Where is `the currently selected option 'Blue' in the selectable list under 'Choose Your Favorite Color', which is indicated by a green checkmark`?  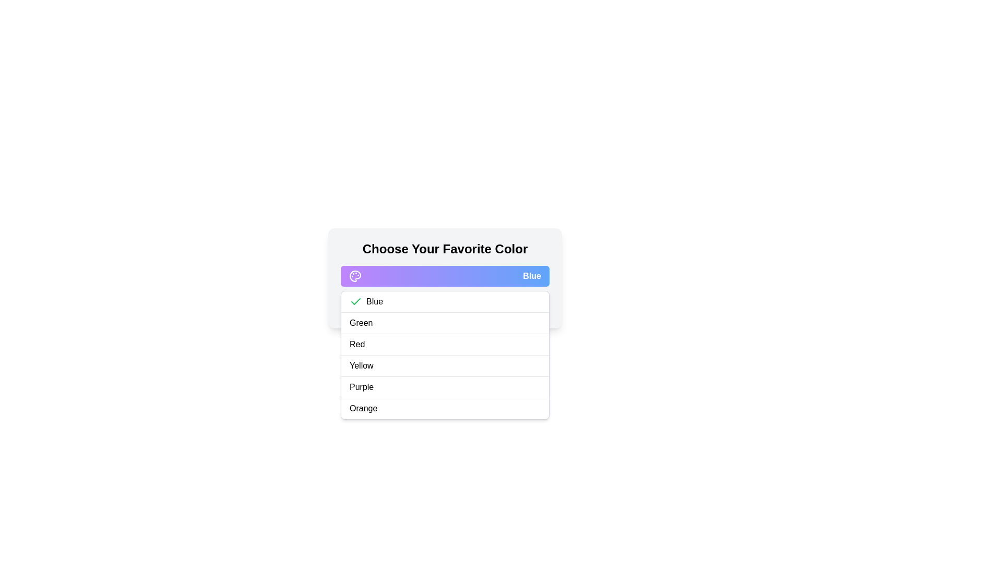 the currently selected option 'Blue' in the selectable list under 'Choose Your Favorite Color', which is indicated by a green checkmark is located at coordinates (445, 301).